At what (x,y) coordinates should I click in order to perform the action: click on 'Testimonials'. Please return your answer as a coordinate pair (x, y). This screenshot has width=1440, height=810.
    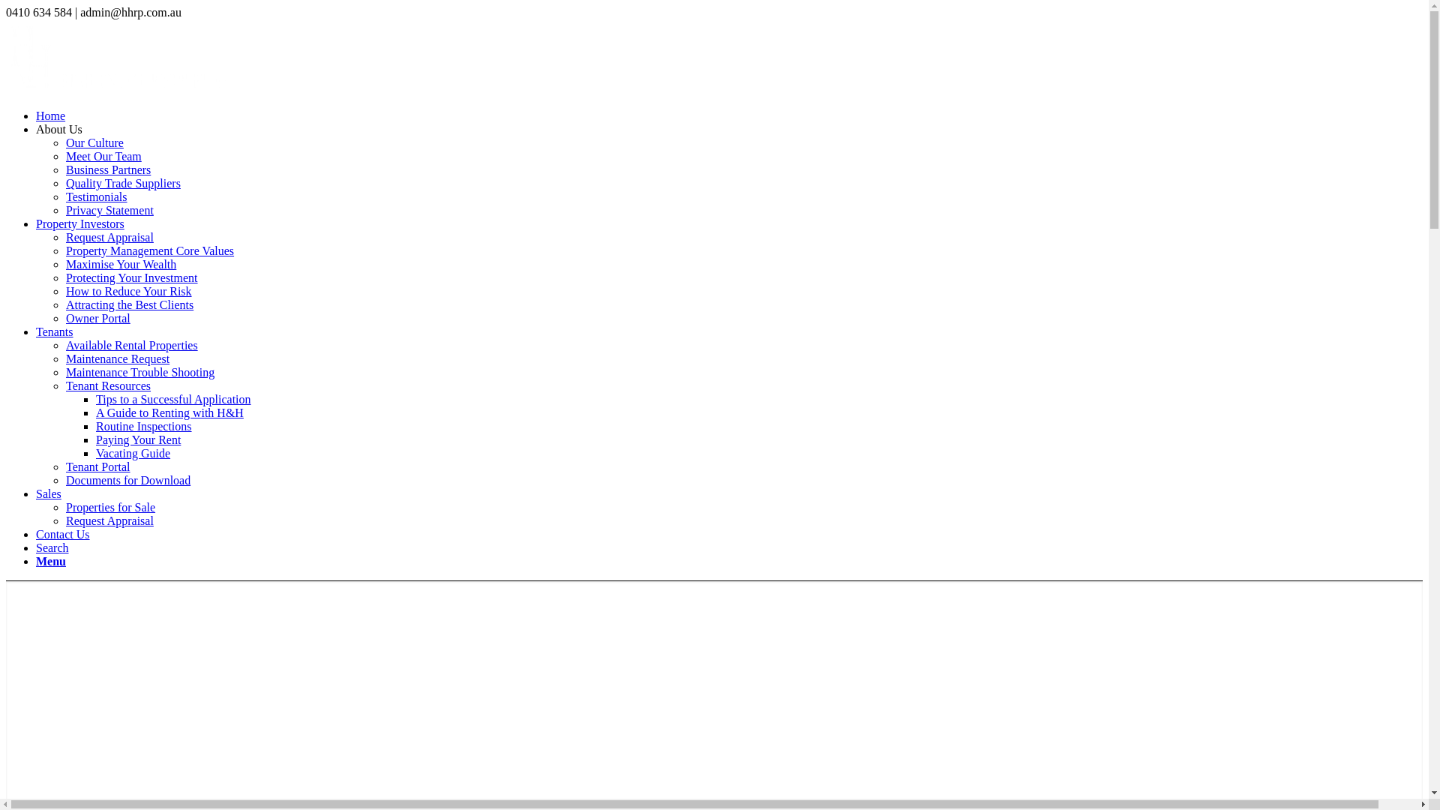
    Looking at the image, I should click on (64, 196).